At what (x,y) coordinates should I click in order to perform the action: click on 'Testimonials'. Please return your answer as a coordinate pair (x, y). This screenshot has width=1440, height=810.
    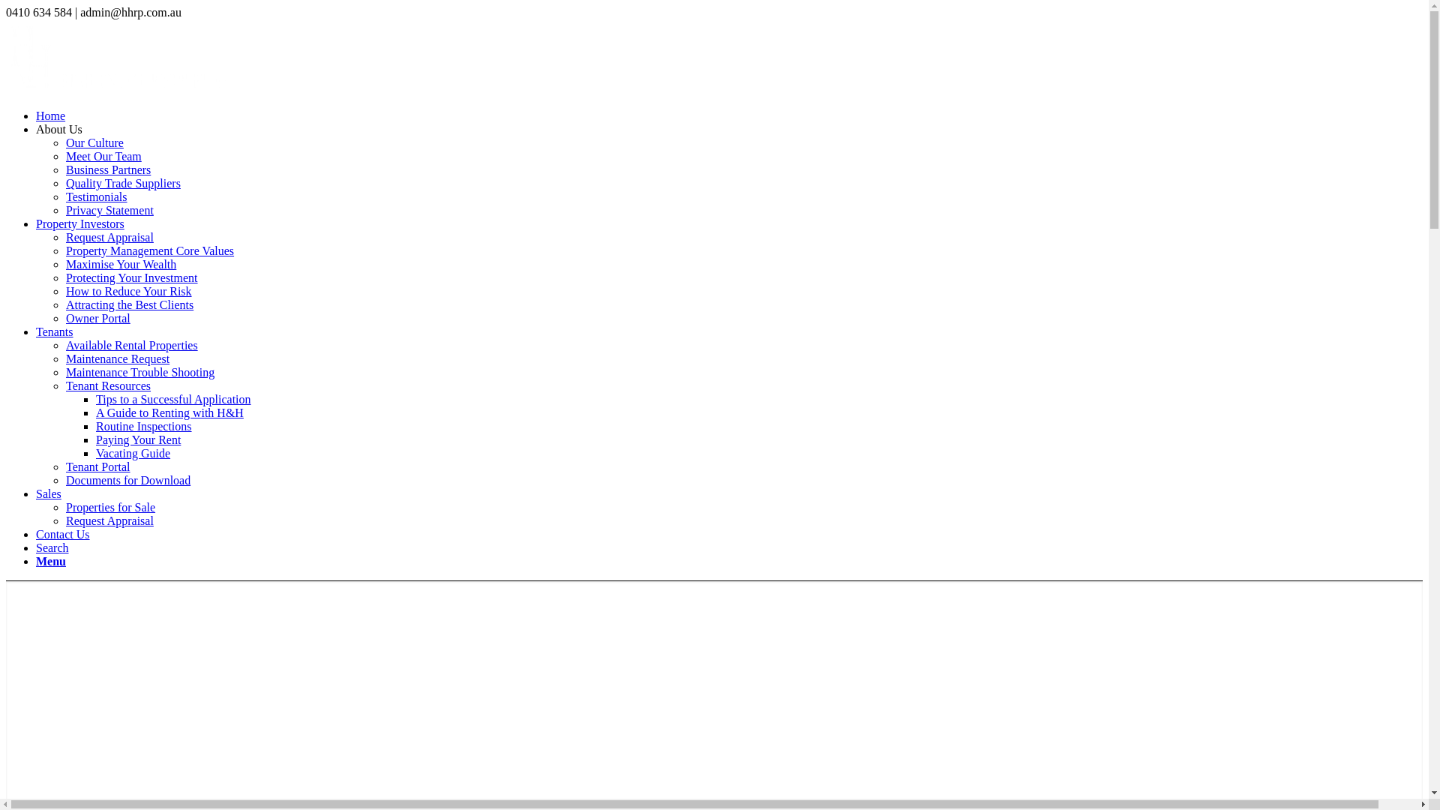
    Looking at the image, I should click on (64, 196).